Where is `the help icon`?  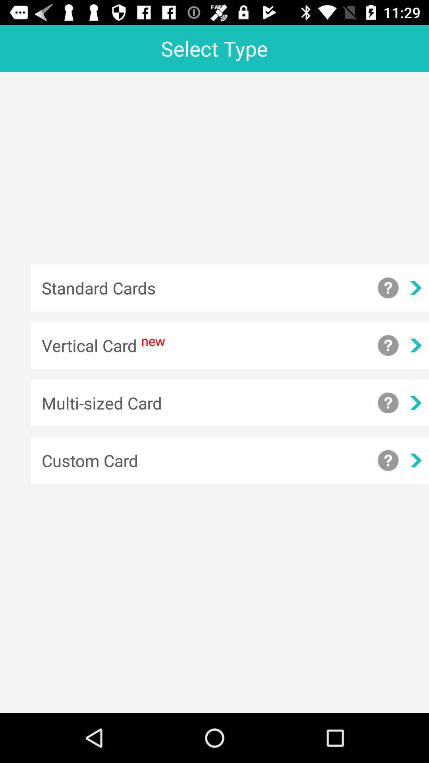 the help icon is located at coordinates (388, 287).